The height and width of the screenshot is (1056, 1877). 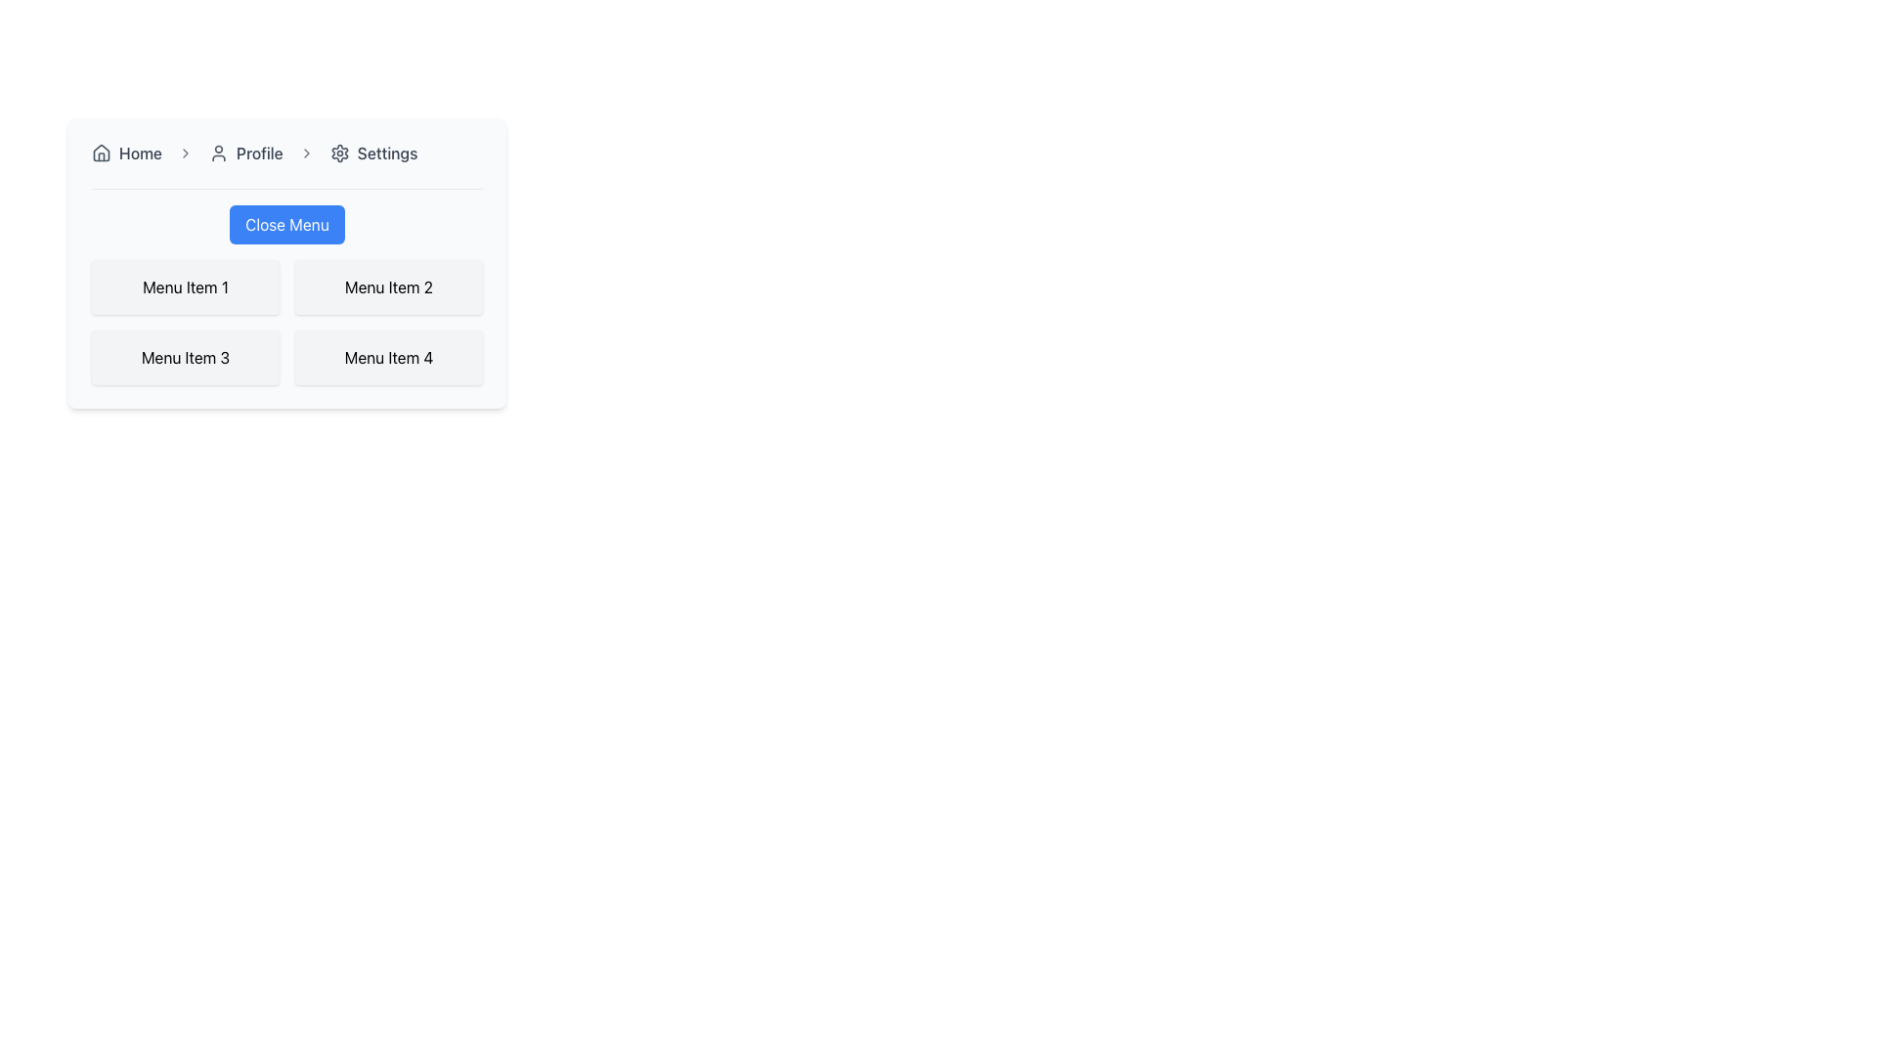 I want to click on the 'Home' navigation link located in the horizontal navigation bar, directly to the right of the house icon, so click(x=140, y=153).